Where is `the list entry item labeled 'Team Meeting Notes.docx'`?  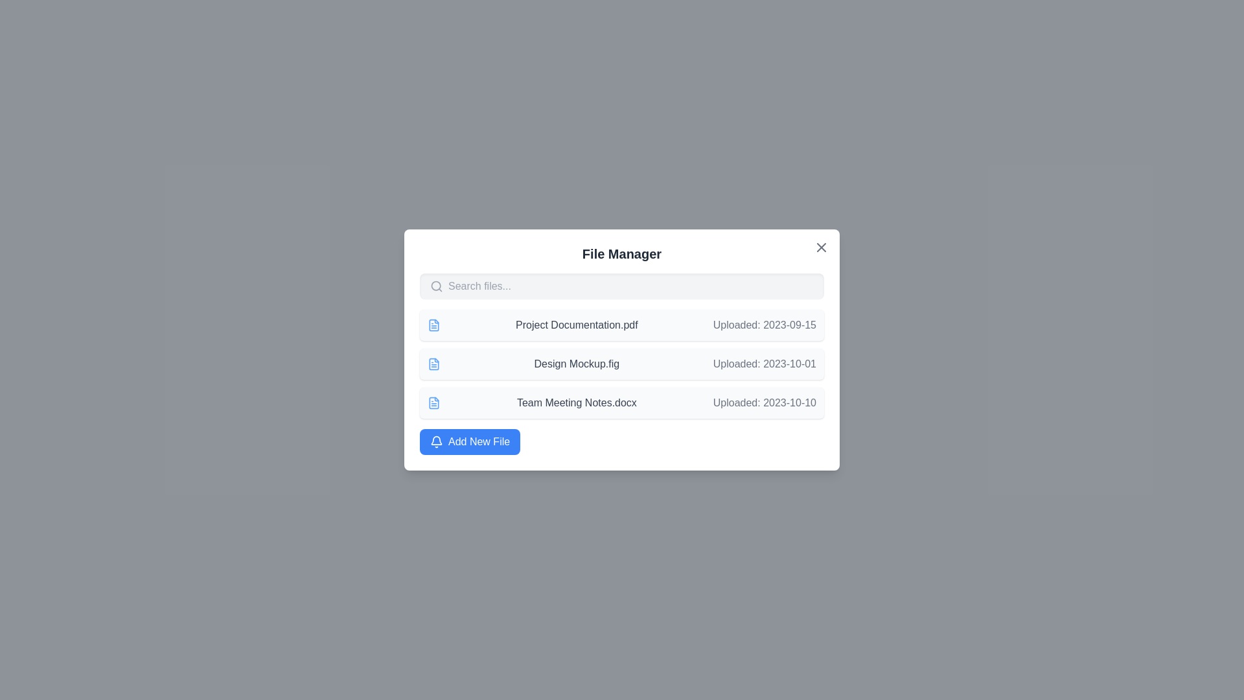 the list entry item labeled 'Team Meeting Notes.docx' is located at coordinates (622, 402).